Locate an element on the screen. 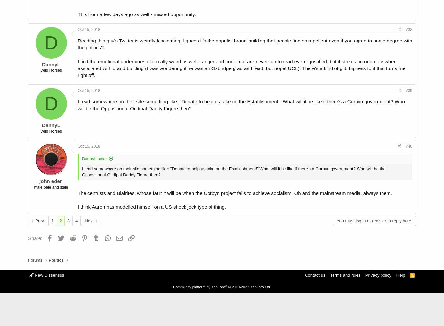 The height and width of the screenshot is (326, 444). 'Reading this guy's Twitter is weirdly fascinating. I guess it's the populist brand-building that people find so repellent even if you agree to some degree with the politics?' is located at coordinates (244, 43).